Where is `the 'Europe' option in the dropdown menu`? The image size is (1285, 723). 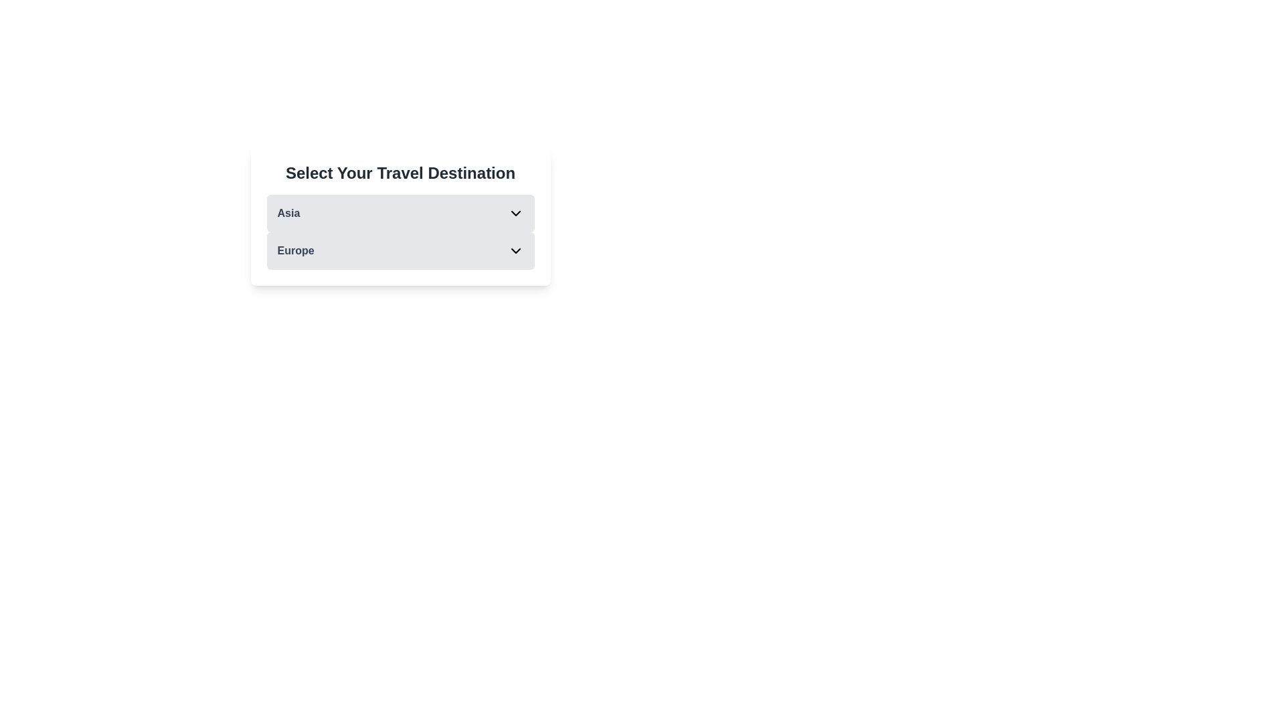
the 'Europe' option in the dropdown menu is located at coordinates (400, 250).